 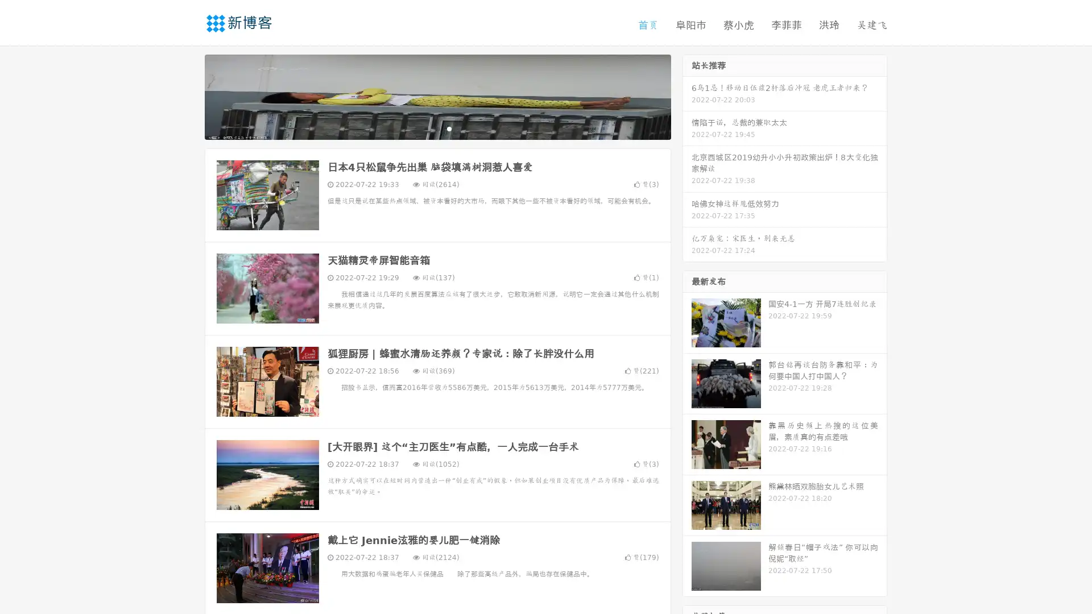 I want to click on Go to slide 3, so click(x=449, y=128).